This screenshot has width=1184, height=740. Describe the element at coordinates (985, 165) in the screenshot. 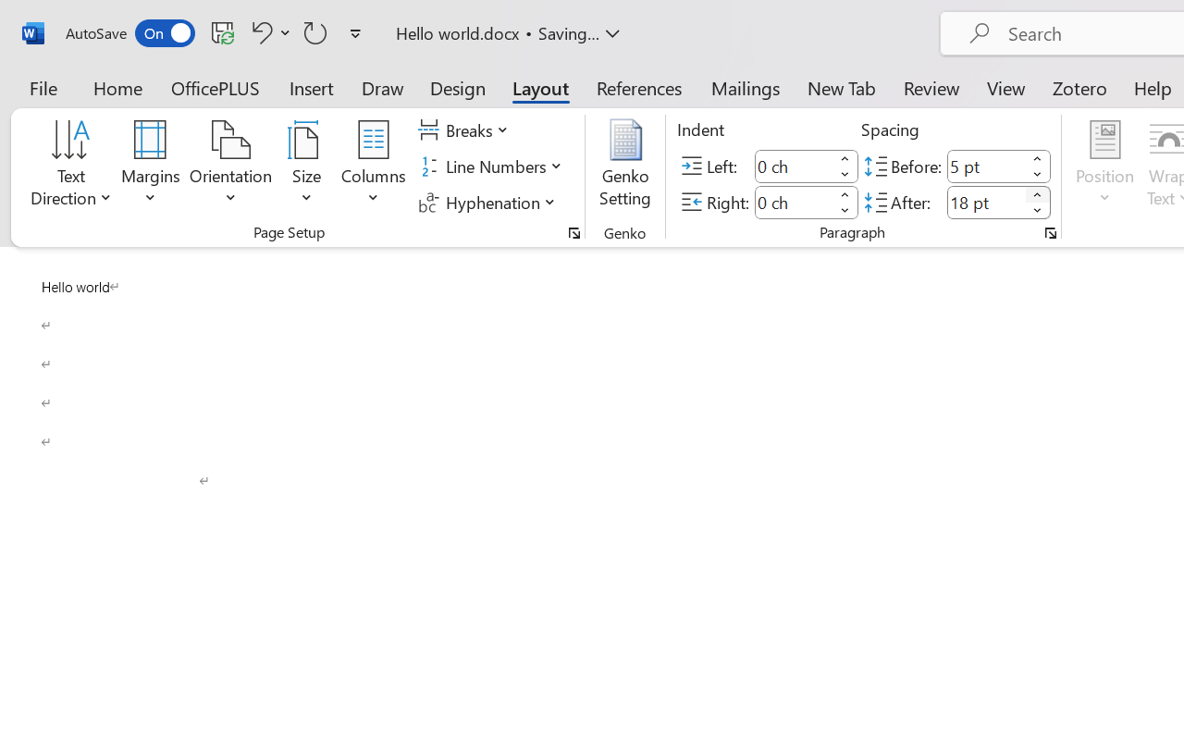

I see `'Spacing Before'` at that location.